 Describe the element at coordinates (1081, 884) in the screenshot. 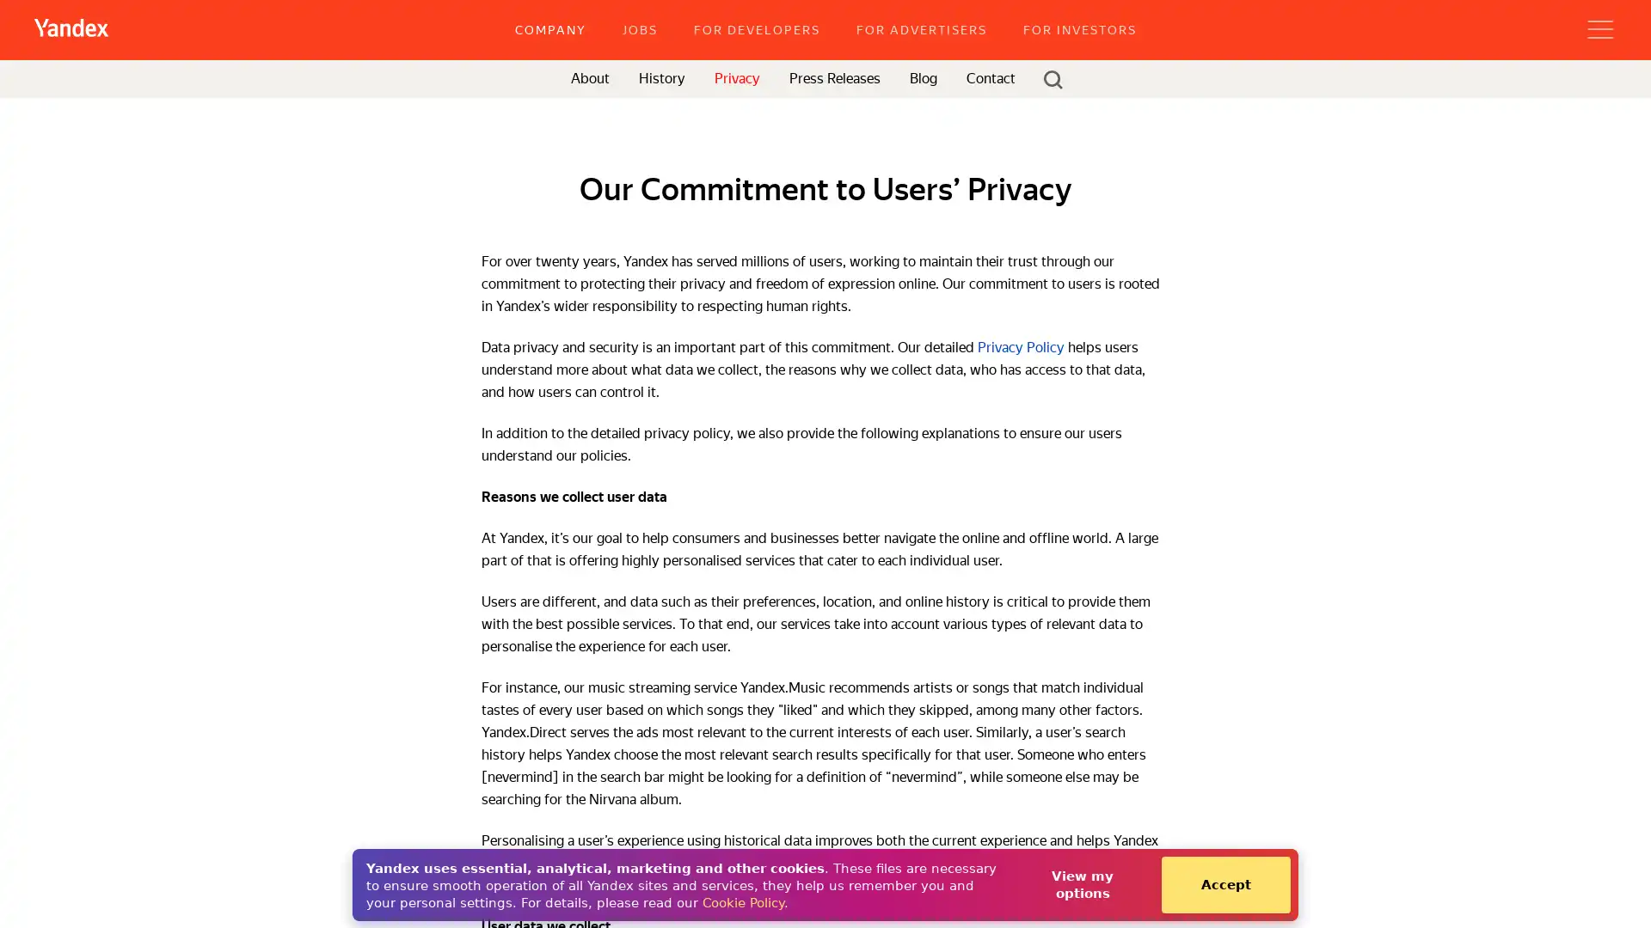

I see `View my options` at that location.